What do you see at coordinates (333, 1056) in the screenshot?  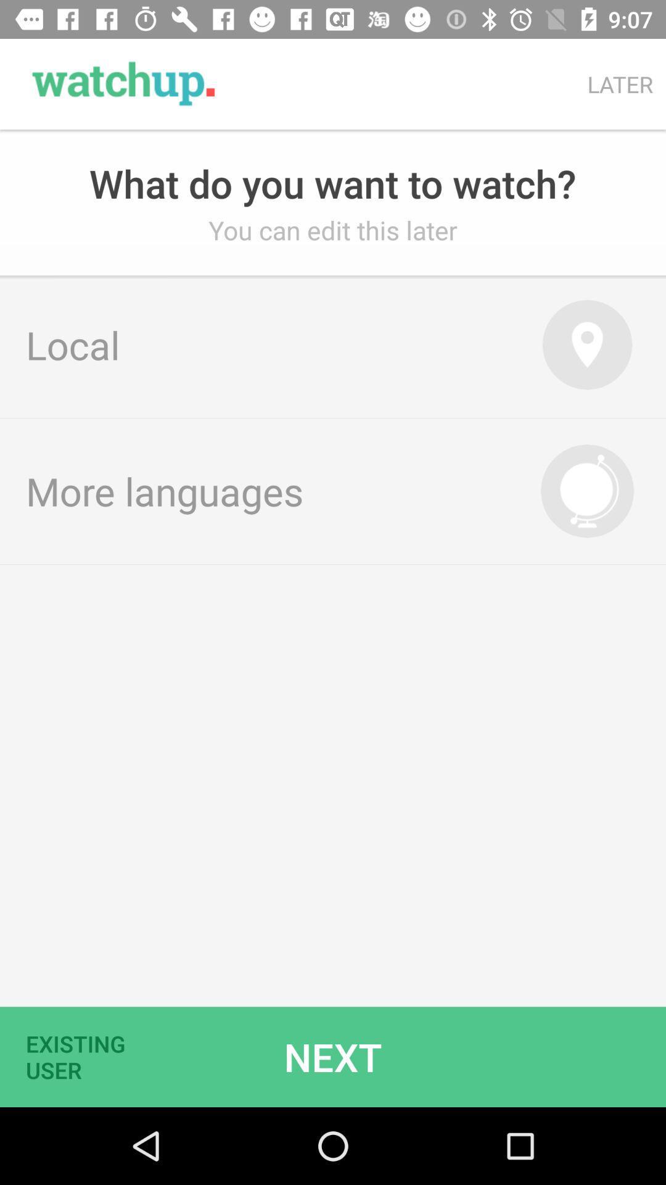 I see `the icon to the right of existing` at bounding box center [333, 1056].